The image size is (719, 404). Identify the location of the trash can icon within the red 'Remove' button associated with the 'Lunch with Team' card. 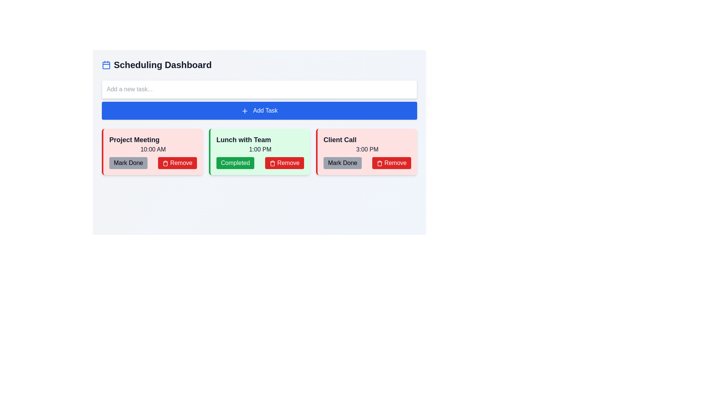
(379, 163).